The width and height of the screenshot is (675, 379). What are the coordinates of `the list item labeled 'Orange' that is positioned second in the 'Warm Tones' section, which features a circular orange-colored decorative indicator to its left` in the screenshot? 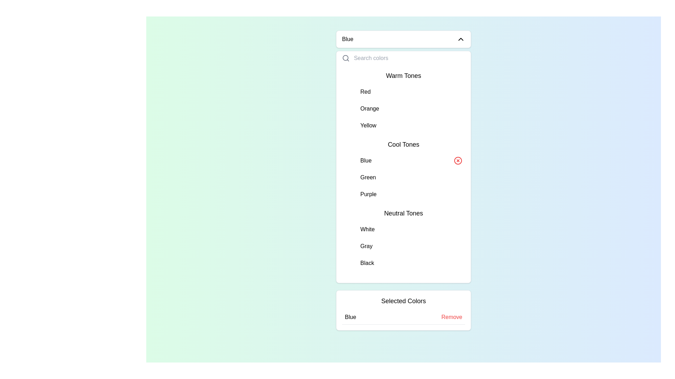 It's located at (403, 108).